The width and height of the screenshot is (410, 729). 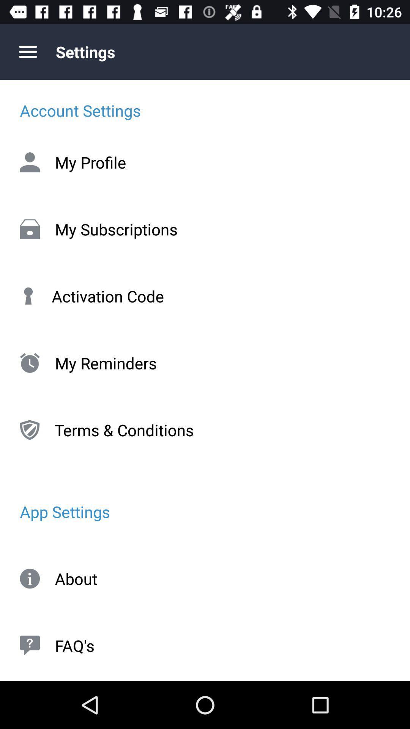 I want to click on my reminders icon, so click(x=205, y=363).